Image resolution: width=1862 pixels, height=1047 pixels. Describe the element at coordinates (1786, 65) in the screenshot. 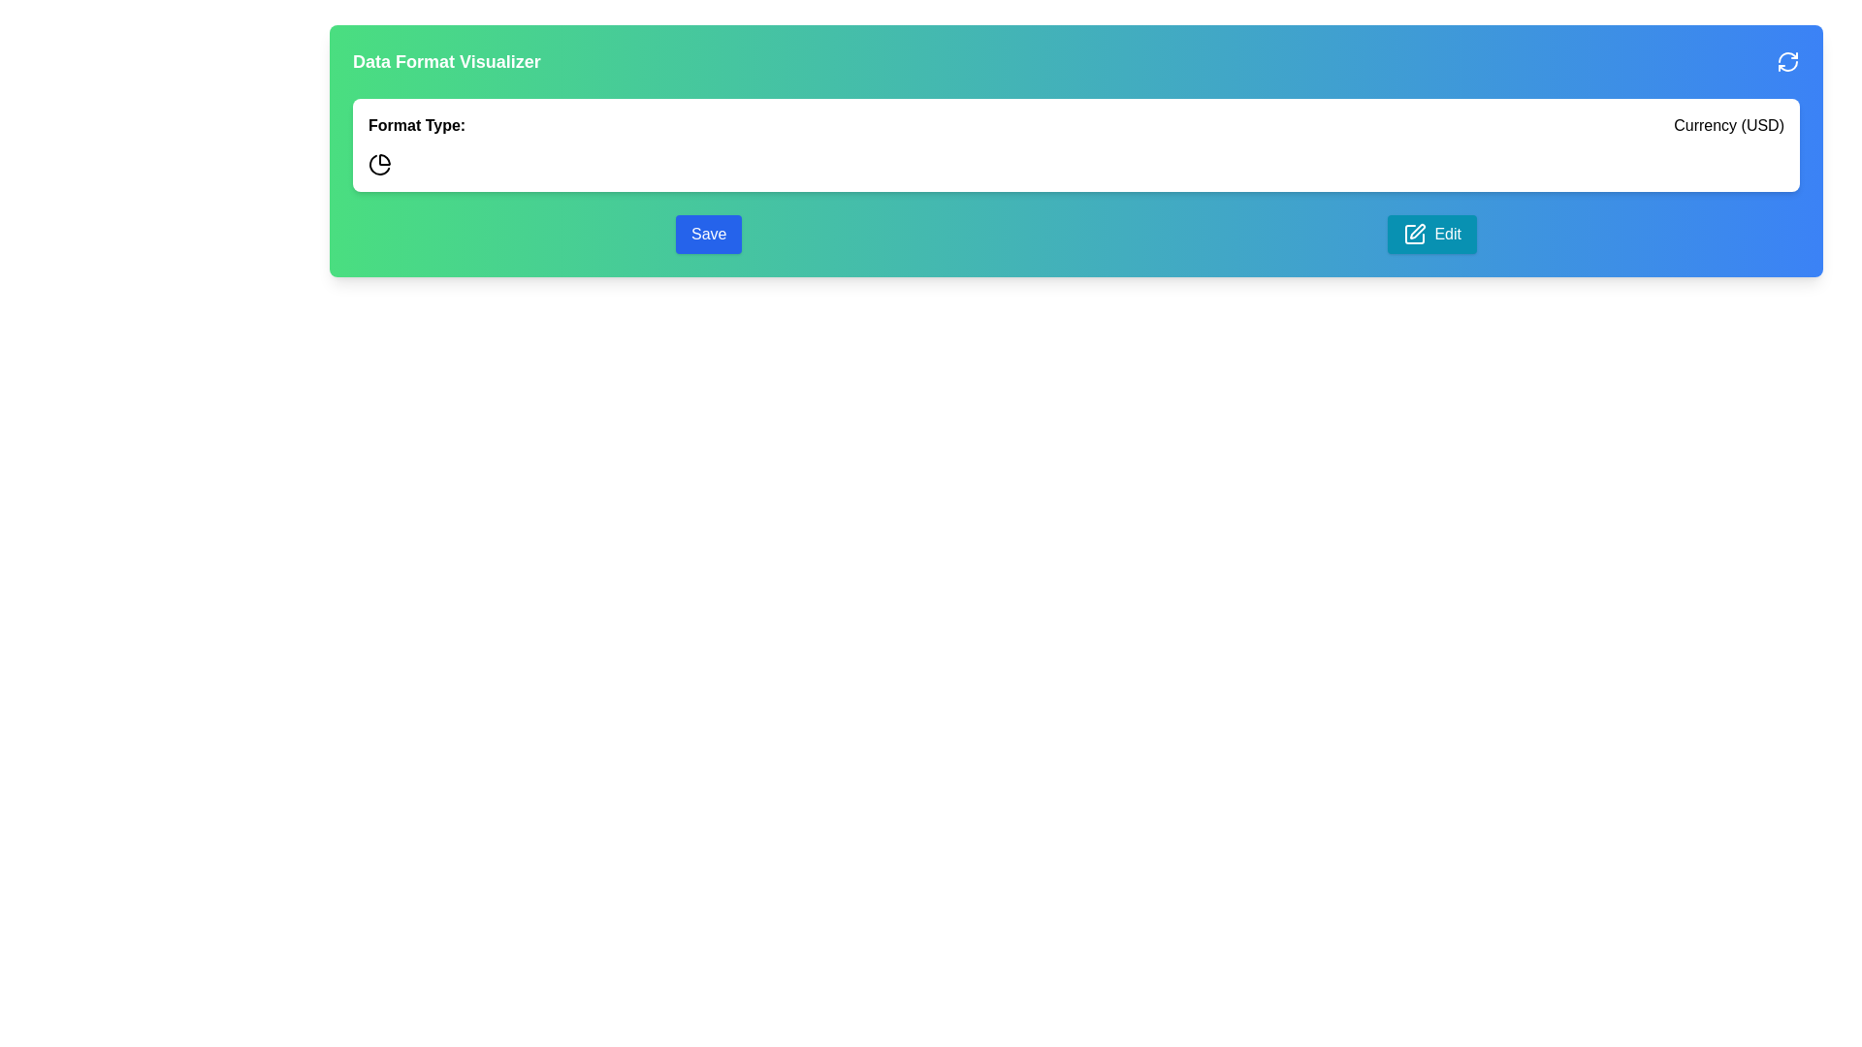

I see `the lower curved segment of the circular refresh icon located in the top-right corner of the central control panel` at that location.